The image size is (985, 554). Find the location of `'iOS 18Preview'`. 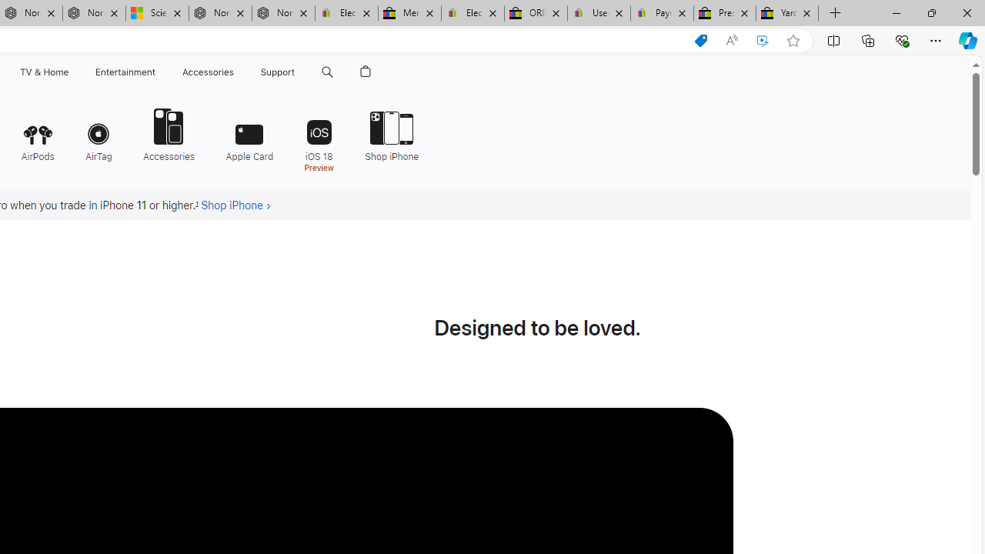

'iOS 18Preview' is located at coordinates (318, 138).